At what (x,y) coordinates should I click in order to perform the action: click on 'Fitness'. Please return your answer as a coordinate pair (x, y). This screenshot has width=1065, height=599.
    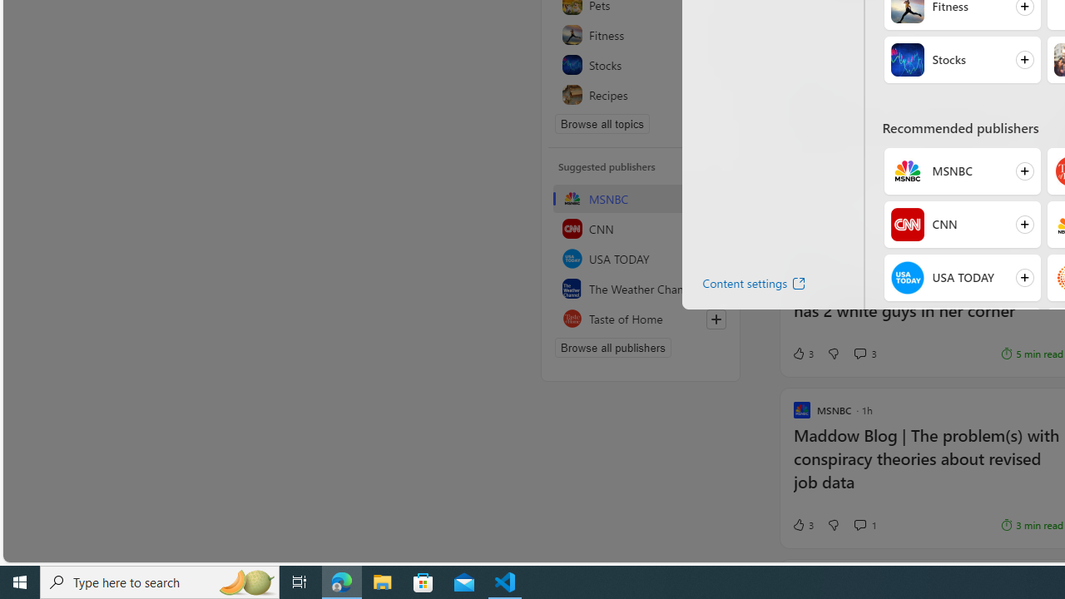
    Looking at the image, I should click on (640, 35).